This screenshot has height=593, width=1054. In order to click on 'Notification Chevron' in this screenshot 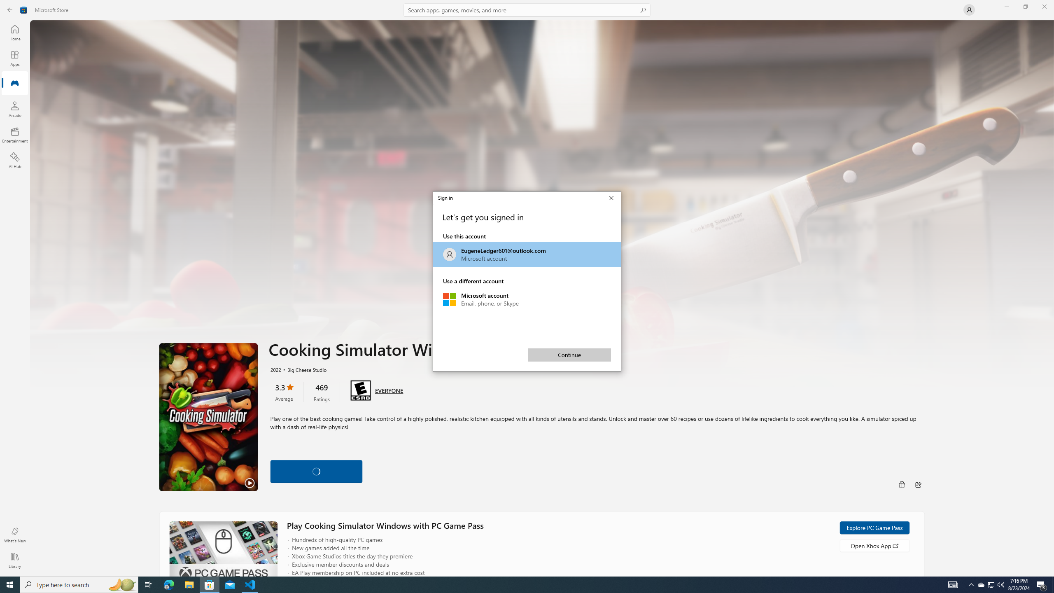, I will do `click(971, 584)`.